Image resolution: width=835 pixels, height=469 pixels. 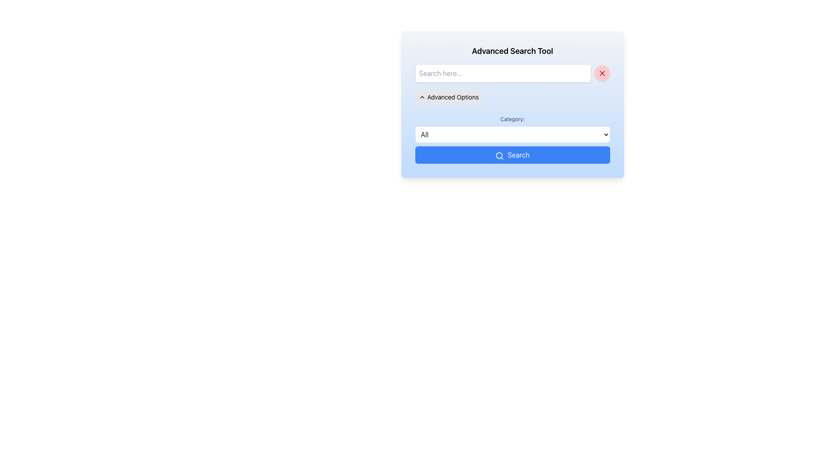 What do you see at coordinates (601, 73) in the screenshot?
I see `the clear button located on the right side of the search input field to observe the interactivity effect` at bounding box center [601, 73].